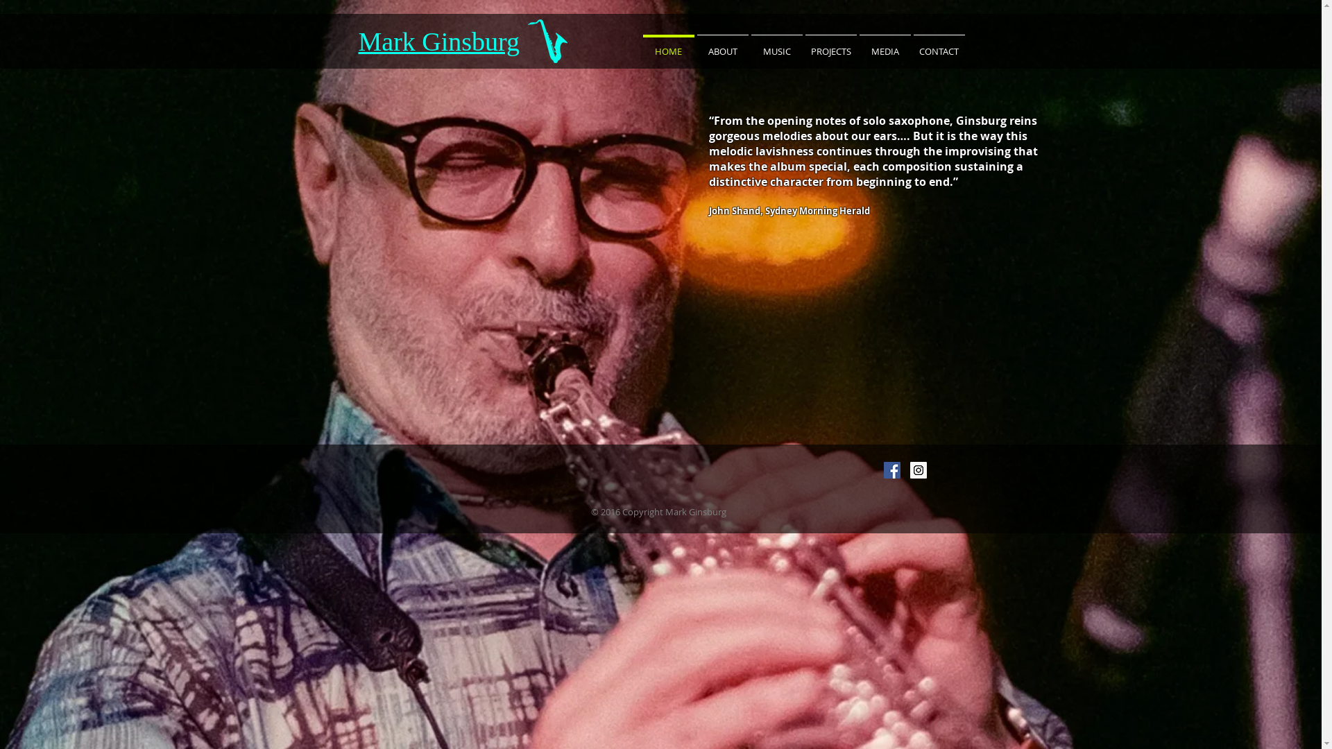 Image resolution: width=1332 pixels, height=749 pixels. I want to click on 'PROJECTS', so click(830, 44).